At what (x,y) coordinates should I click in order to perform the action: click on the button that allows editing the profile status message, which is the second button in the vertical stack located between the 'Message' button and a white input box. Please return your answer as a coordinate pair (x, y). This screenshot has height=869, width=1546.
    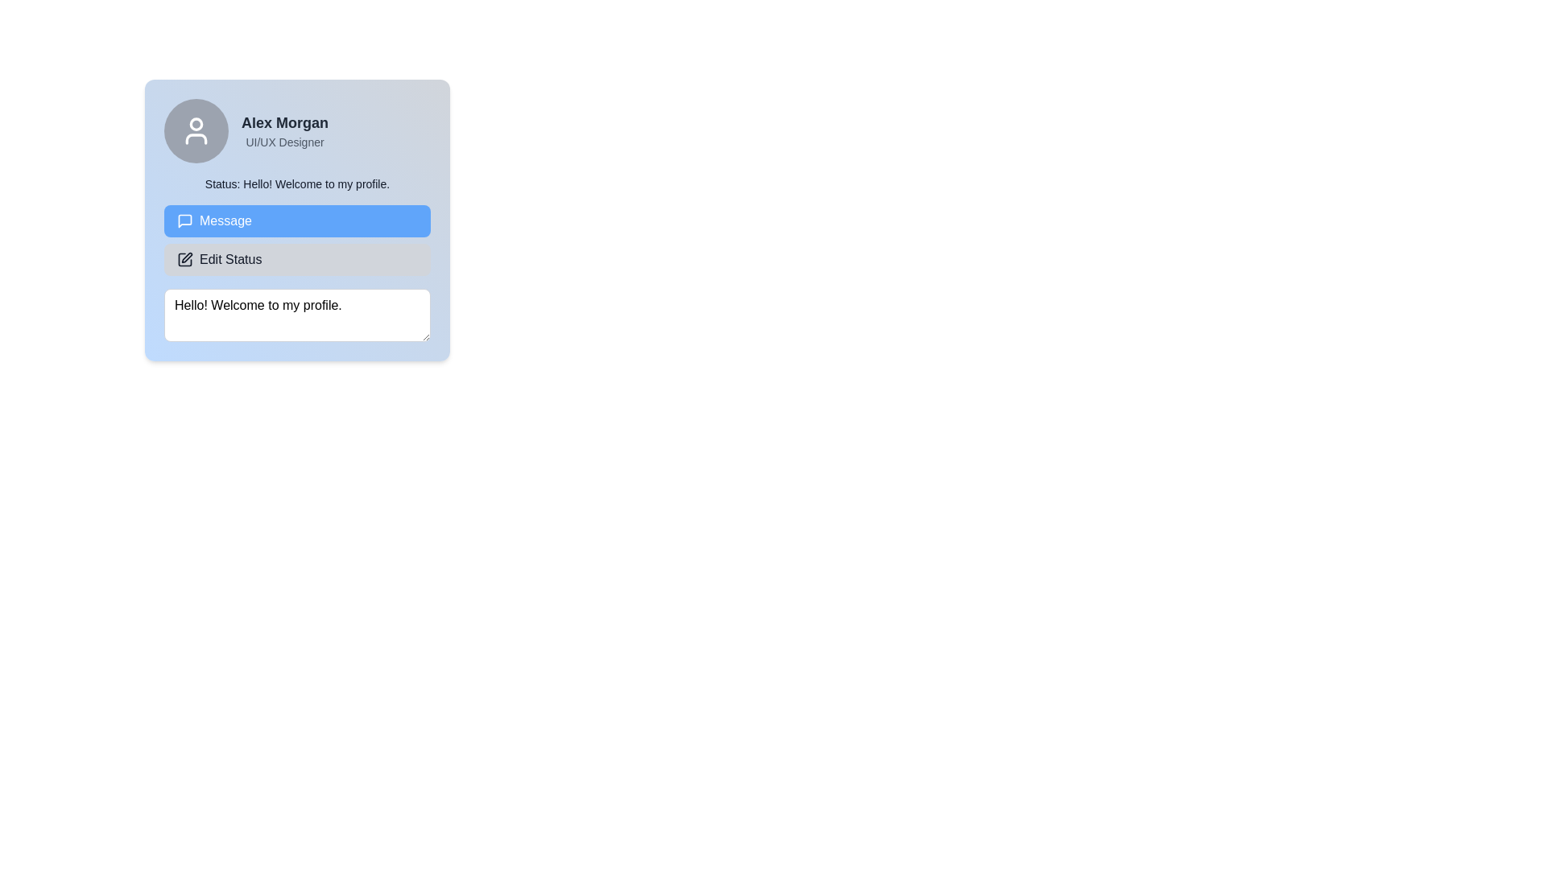
    Looking at the image, I should click on (297, 259).